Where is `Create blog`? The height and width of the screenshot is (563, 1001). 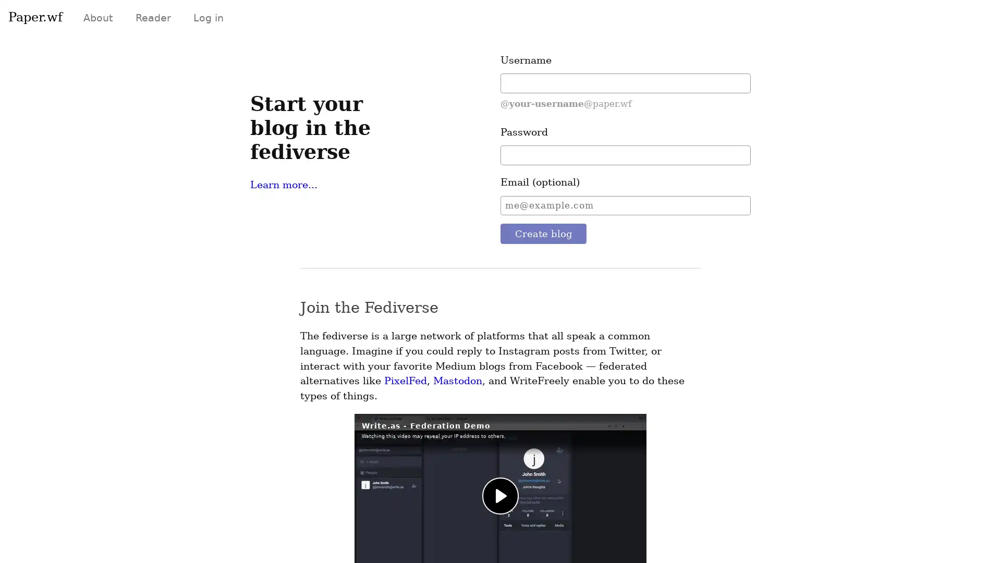
Create blog is located at coordinates (544, 235).